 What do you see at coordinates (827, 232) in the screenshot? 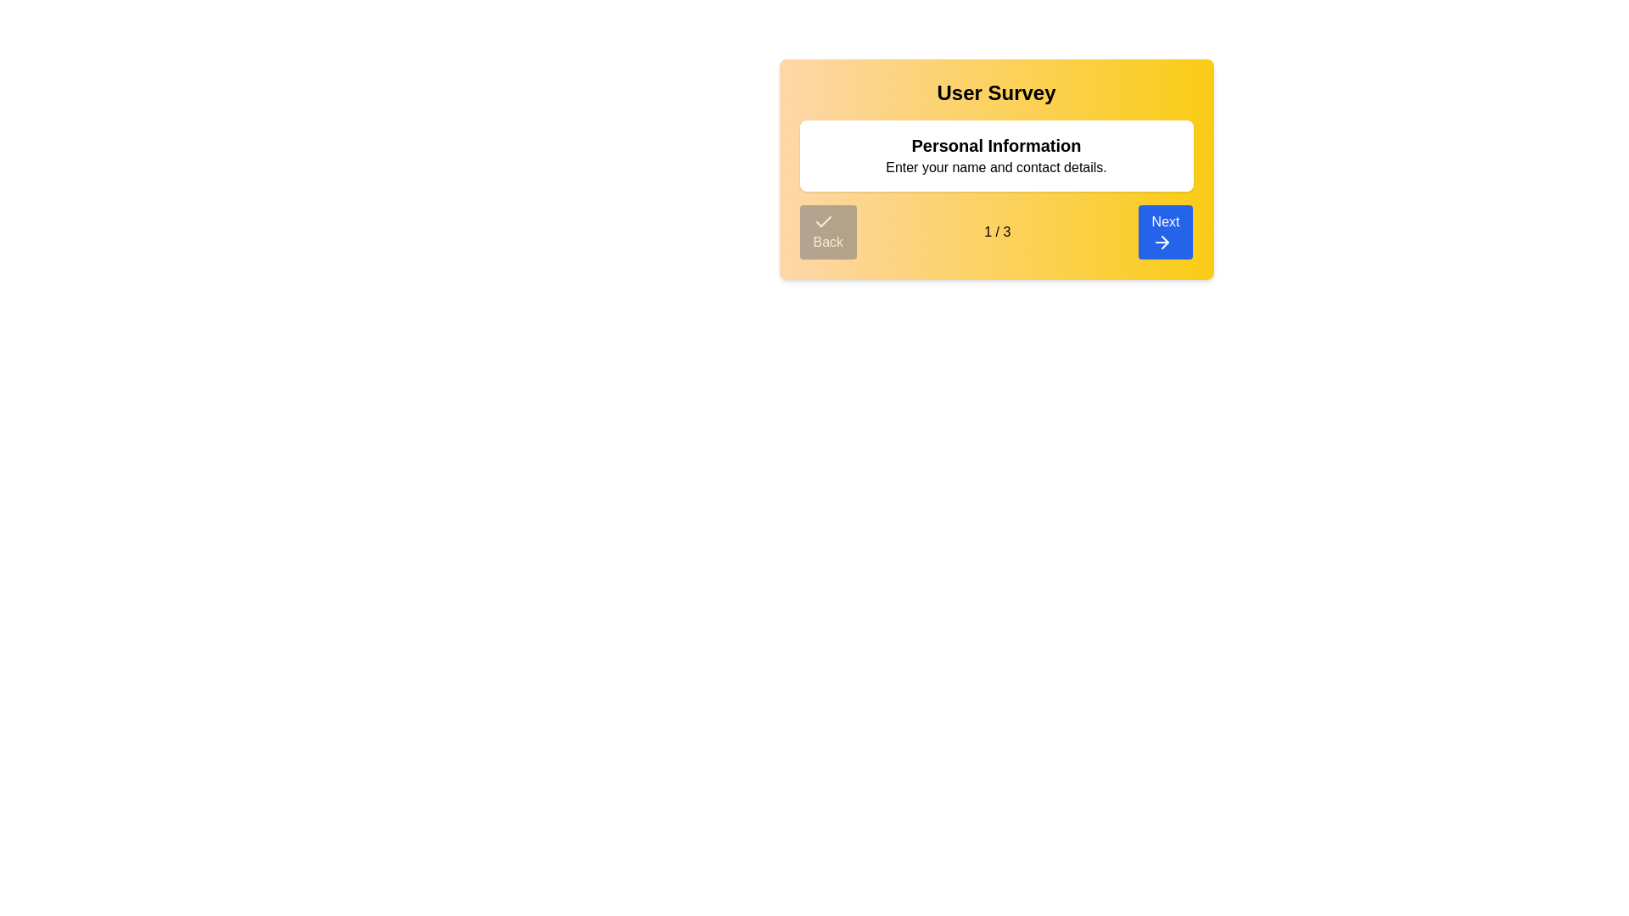
I see `the 'Back' button to navigate to the previous step` at bounding box center [827, 232].